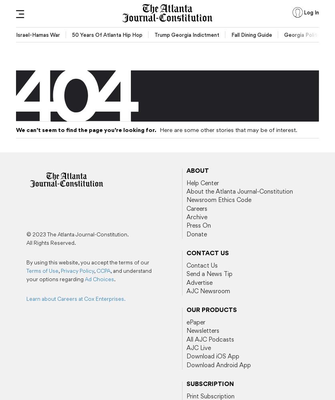 This screenshot has height=400, width=335. I want to click on ', and understand your options regarding', so click(88, 275).